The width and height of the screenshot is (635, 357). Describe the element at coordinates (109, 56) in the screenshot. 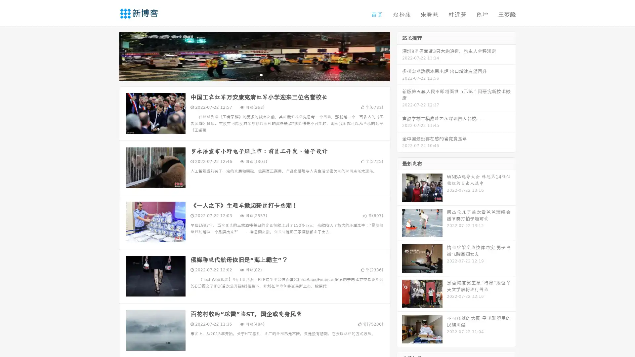

I see `Previous slide` at that location.